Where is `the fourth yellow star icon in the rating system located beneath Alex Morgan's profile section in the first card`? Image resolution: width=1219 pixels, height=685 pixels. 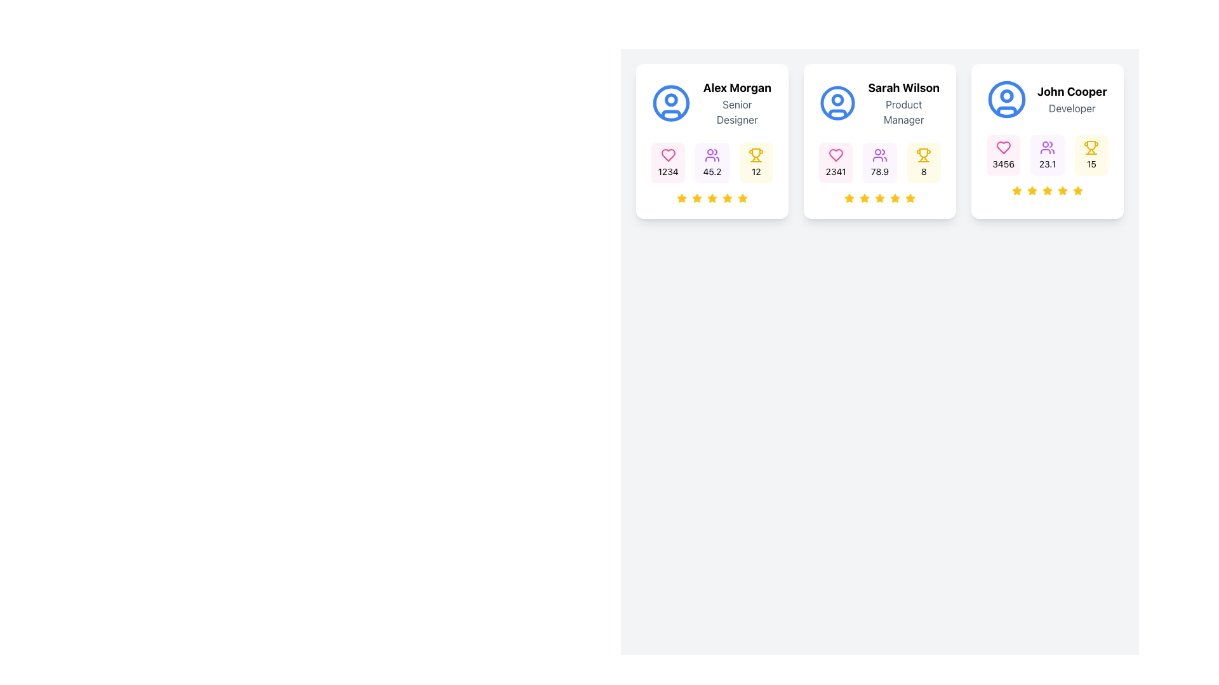
the fourth yellow star icon in the rating system located beneath Alex Morgan's profile section in the first card is located at coordinates (712, 198).